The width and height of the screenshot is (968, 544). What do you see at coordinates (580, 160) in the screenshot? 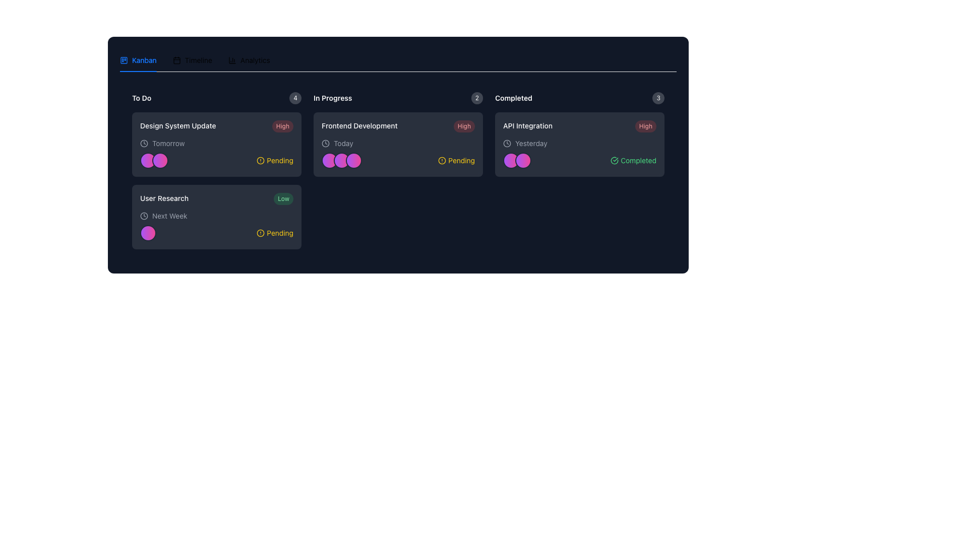
I see `the status indicated by the 'Completed' text and green checkmark icon in the Status indicator component within the 'API Integration' card` at bounding box center [580, 160].